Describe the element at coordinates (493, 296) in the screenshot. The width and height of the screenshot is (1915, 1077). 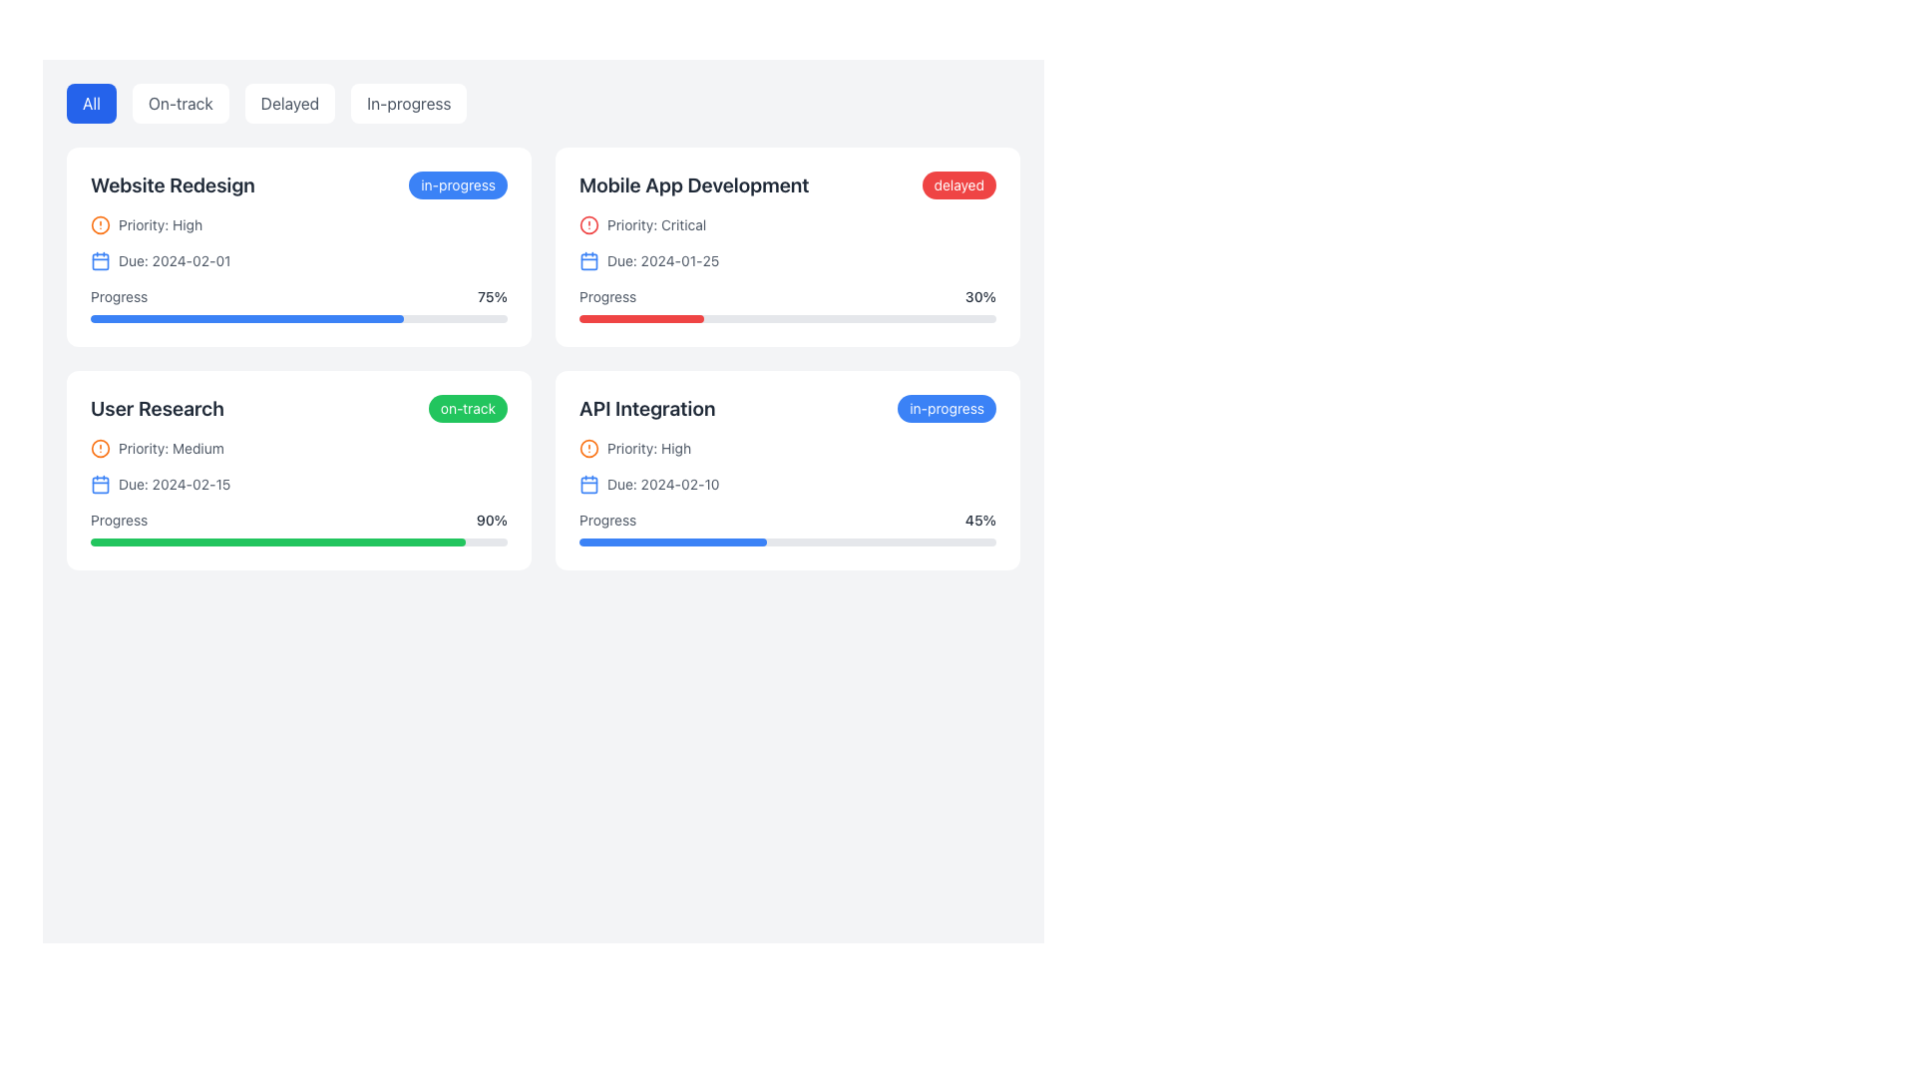
I see `the static text displaying '75%' located at the bottom-right corner of the 'Website Redesign' card, aligned horizontally with the 'Progress' label` at that location.